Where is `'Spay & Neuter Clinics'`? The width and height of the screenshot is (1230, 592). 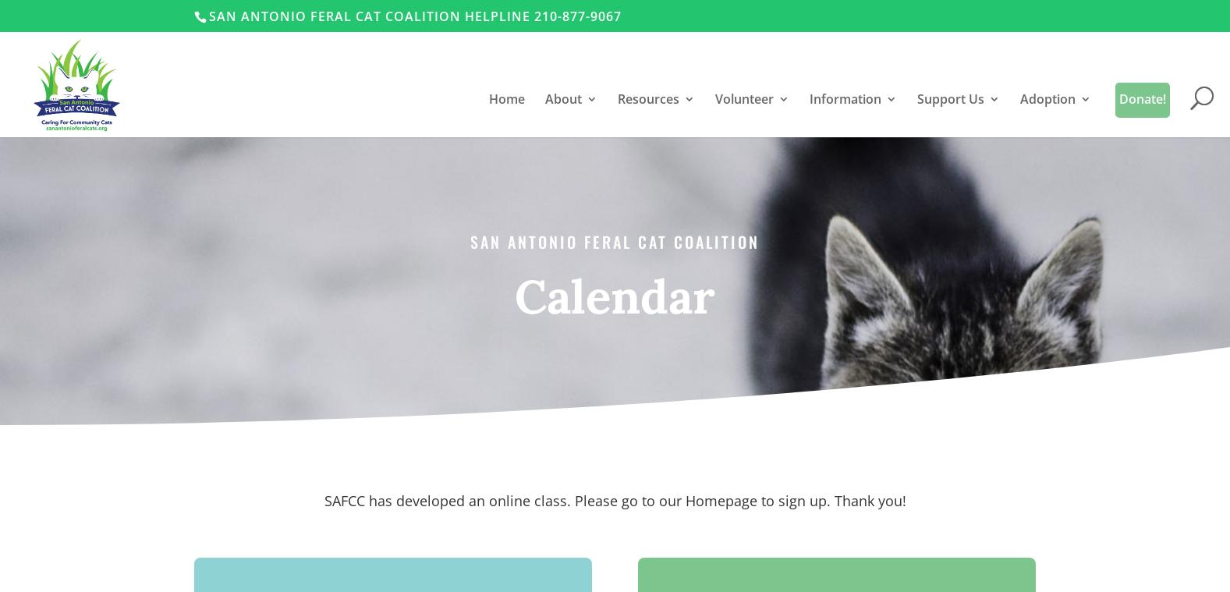 'Spay & Neuter Clinics' is located at coordinates (705, 205).